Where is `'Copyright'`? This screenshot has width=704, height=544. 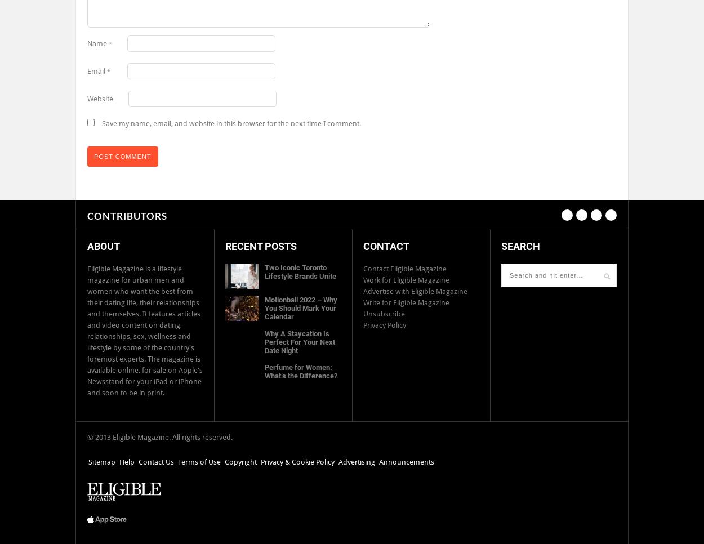 'Copyright' is located at coordinates (240, 462).